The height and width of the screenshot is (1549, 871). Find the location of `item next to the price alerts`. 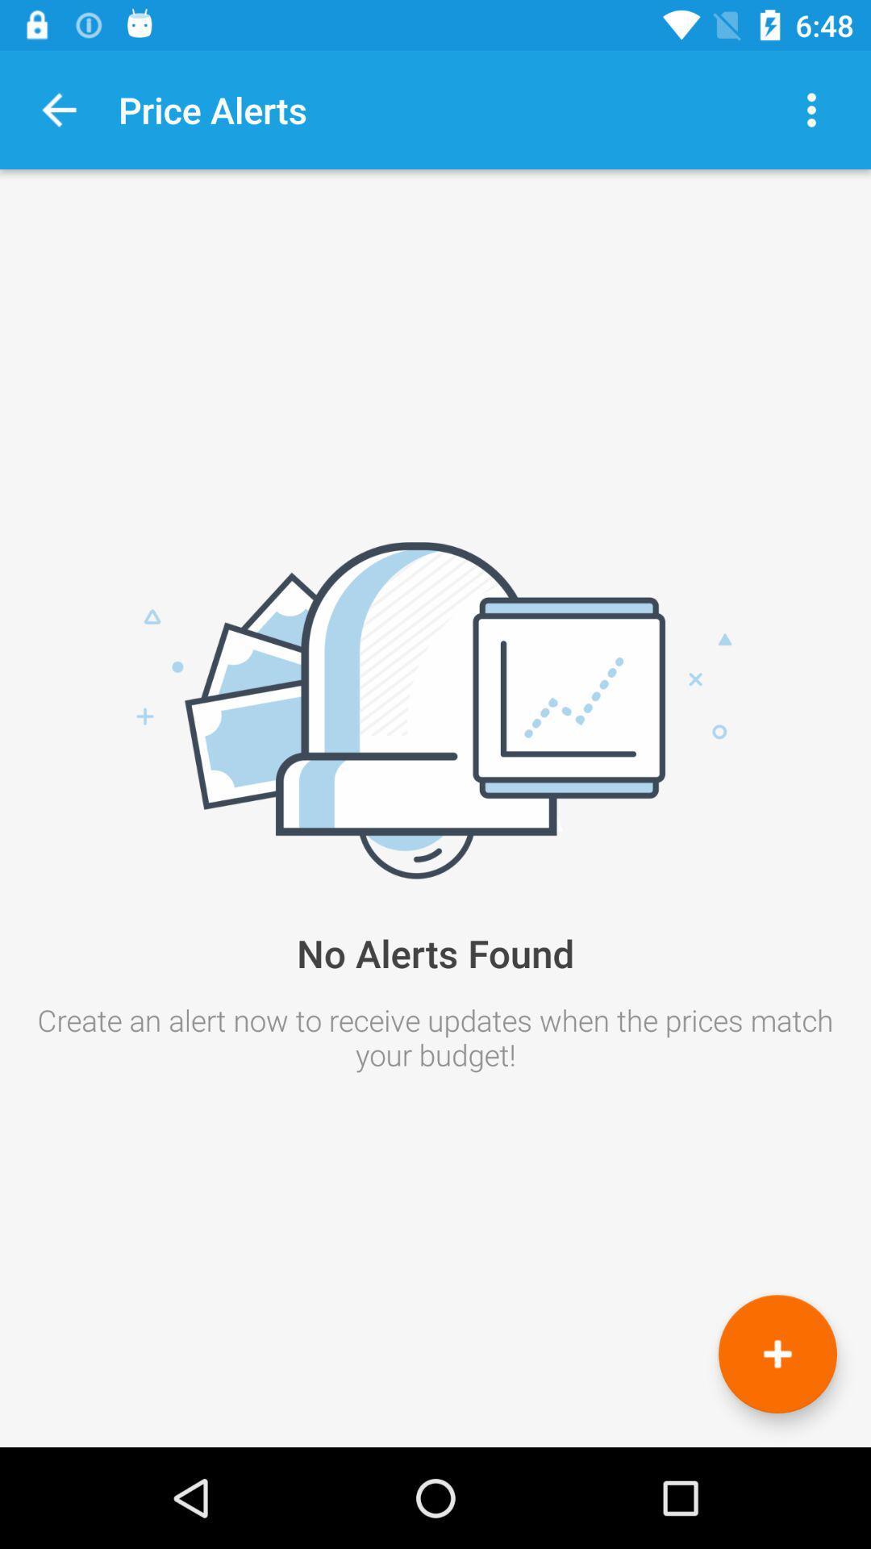

item next to the price alerts is located at coordinates (811, 109).